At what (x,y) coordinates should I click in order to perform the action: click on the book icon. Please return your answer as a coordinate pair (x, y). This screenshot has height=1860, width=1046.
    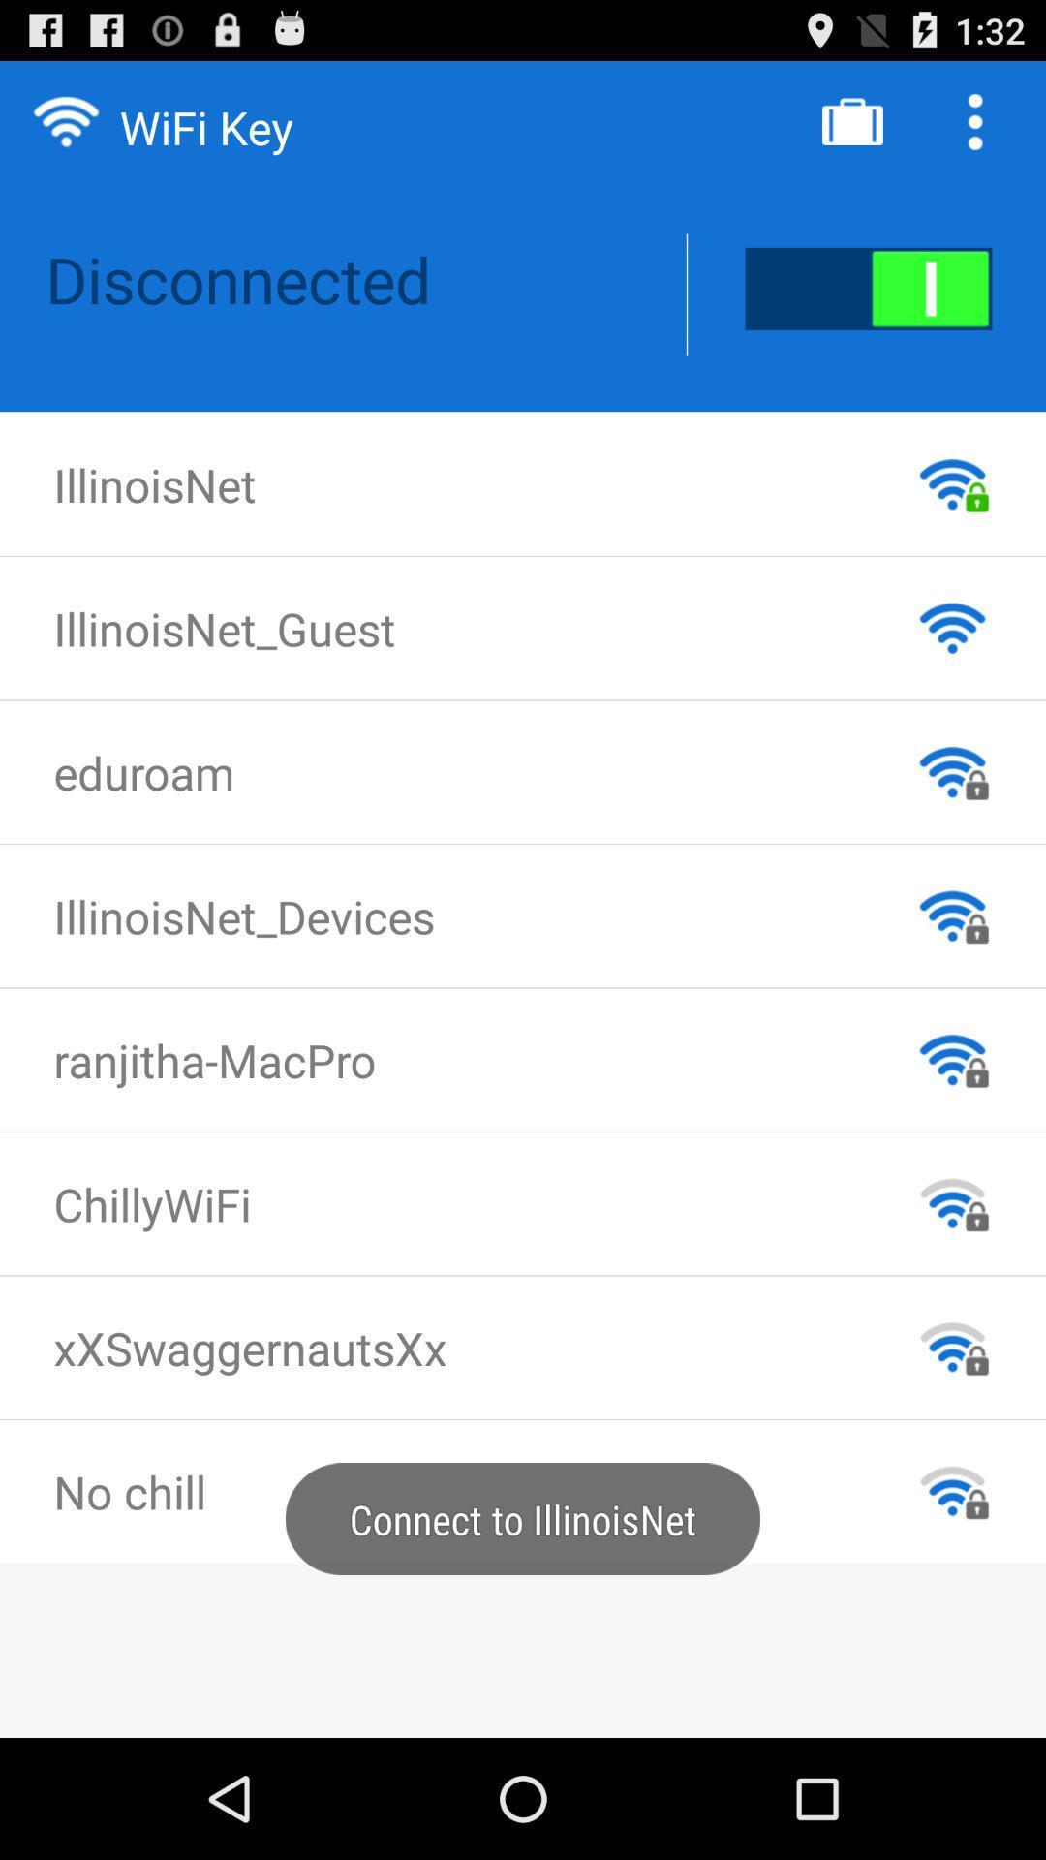
    Looking at the image, I should click on (868, 308).